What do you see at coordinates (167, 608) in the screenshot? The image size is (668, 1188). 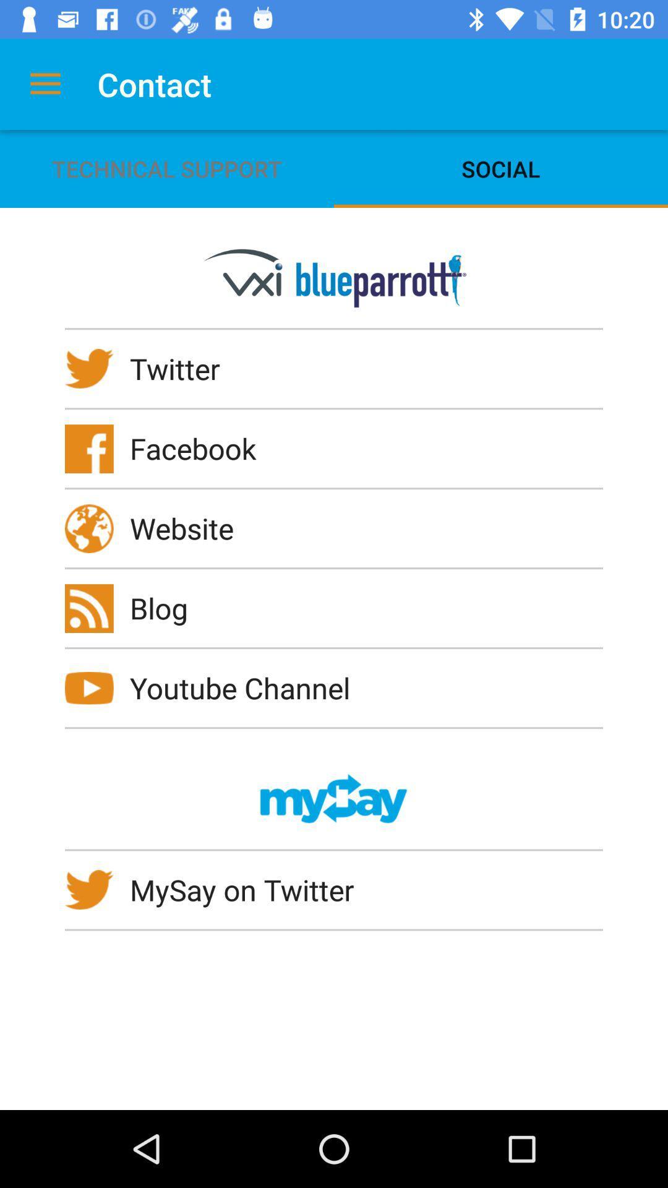 I see `blog` at bounding box center [167, 608].